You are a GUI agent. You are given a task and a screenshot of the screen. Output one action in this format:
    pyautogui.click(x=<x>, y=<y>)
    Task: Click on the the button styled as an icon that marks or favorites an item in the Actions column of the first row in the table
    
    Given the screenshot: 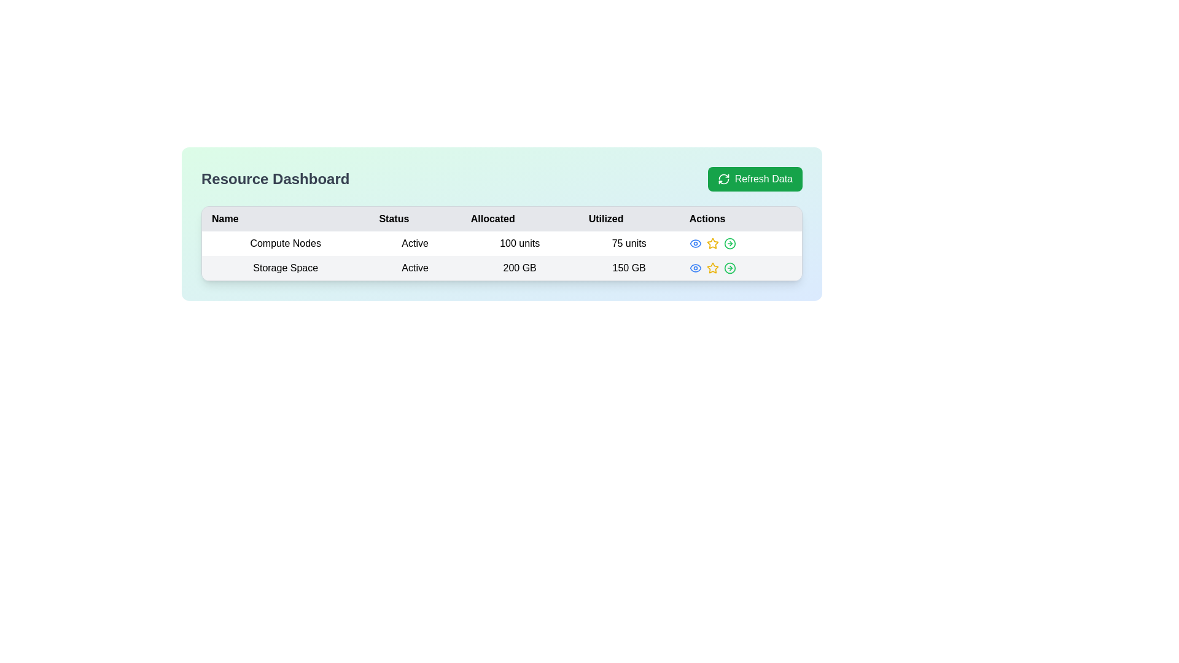 What is the action you would take?
    pyautogui.click(x=712, y=267)
    